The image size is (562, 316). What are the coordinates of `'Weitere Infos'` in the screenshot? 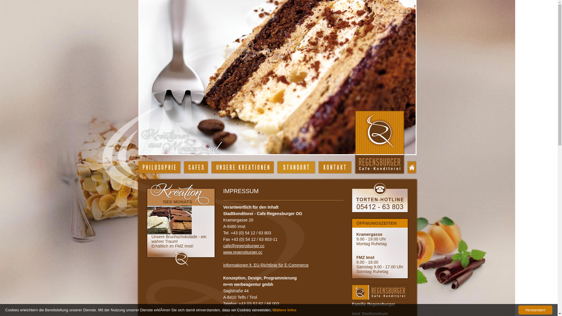 It's located at (284, 310).